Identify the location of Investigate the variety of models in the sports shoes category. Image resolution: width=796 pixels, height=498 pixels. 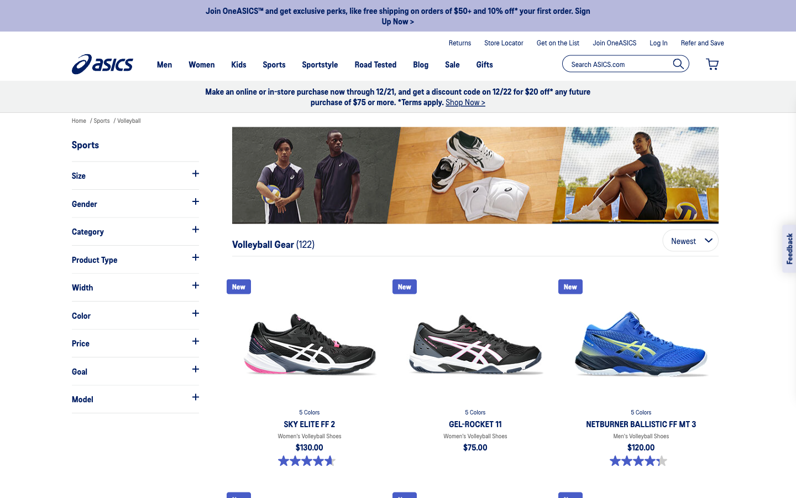
(134, 398).